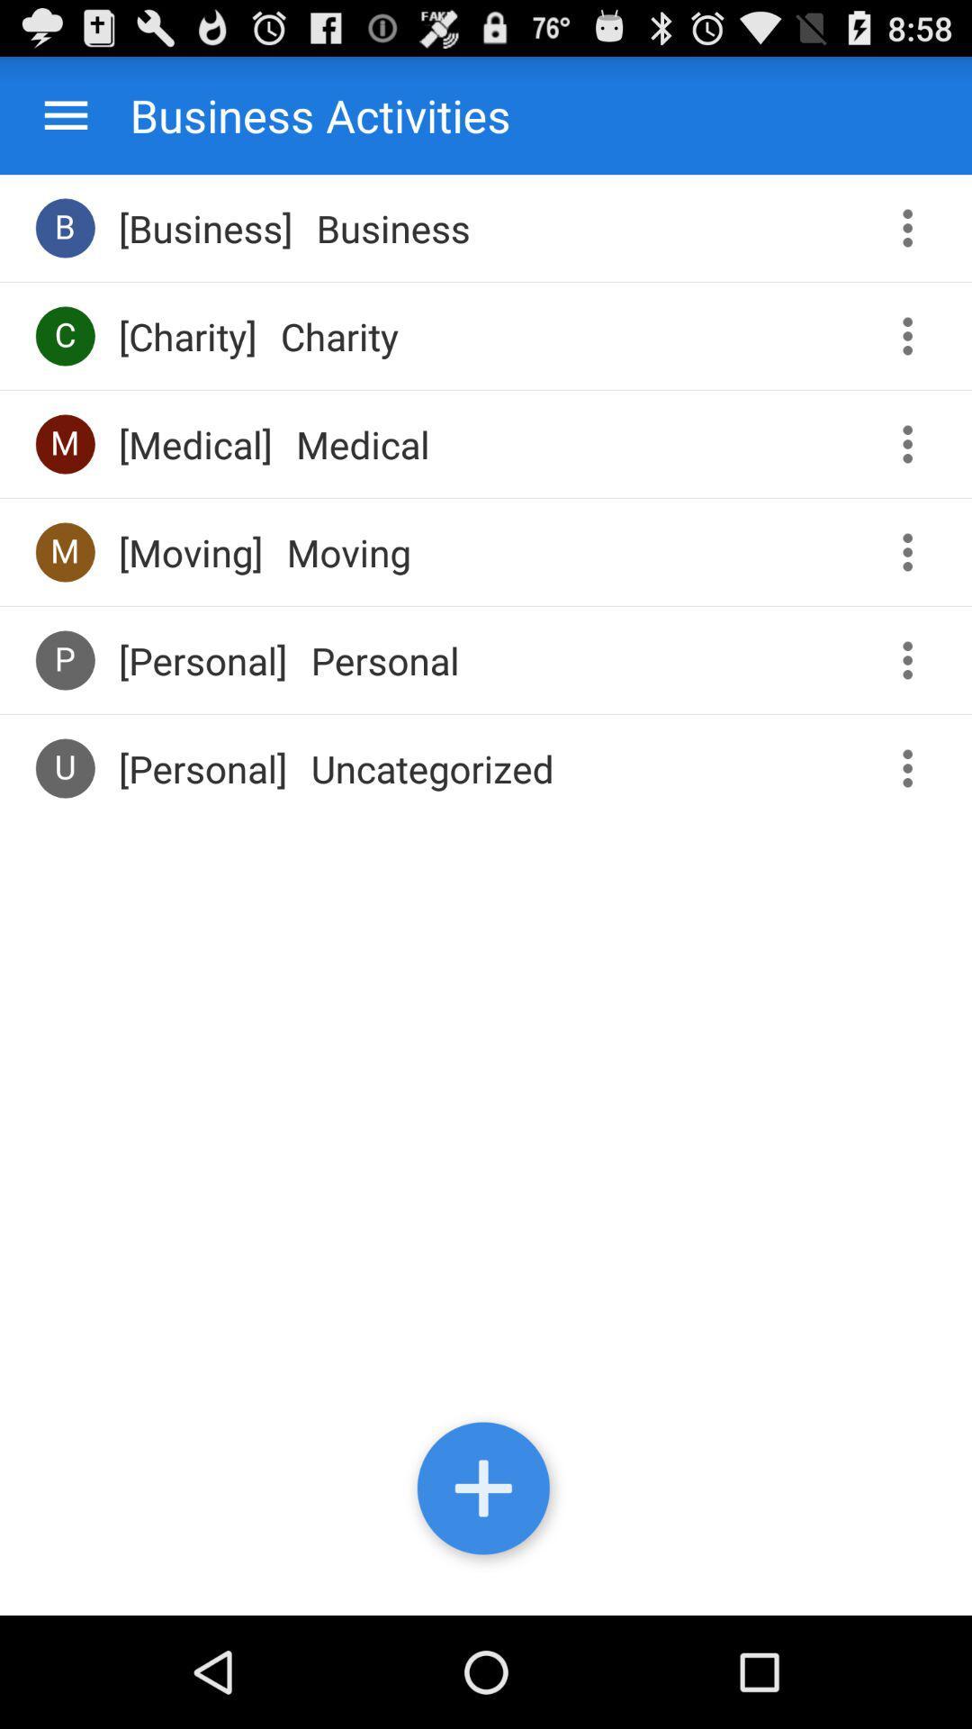 The width and height of the screenshot is (972, 1729). I want to click on the item above c icon, so click(64, 227).